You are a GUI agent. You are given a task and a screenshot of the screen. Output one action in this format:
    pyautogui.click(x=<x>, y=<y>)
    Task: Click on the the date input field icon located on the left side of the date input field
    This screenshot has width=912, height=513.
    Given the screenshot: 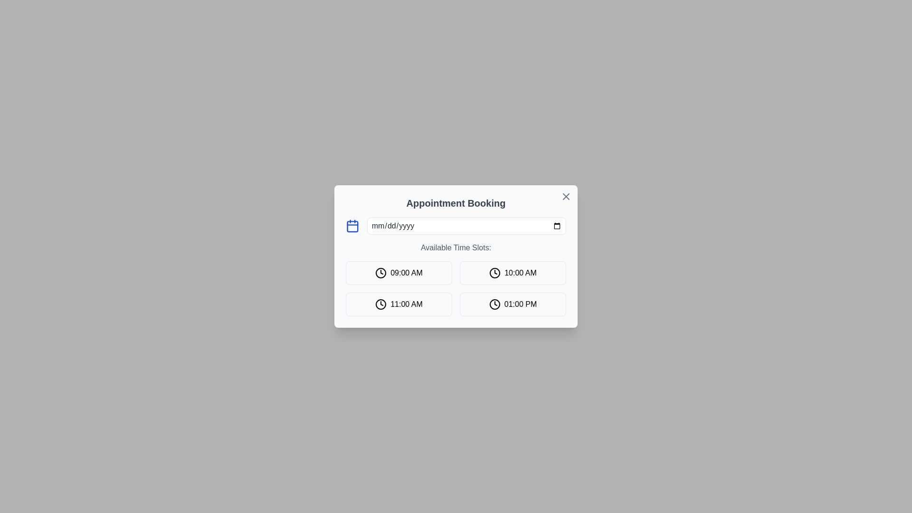 What is the action you would take?
    pyautogui.click(x=352, y=226)
    